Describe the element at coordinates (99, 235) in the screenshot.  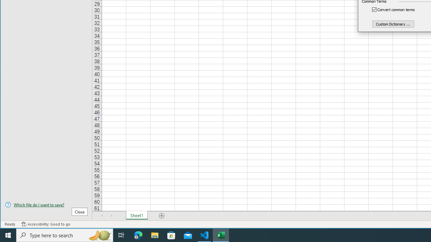
I see `'Search highlights icon opens search home window'` at that location.